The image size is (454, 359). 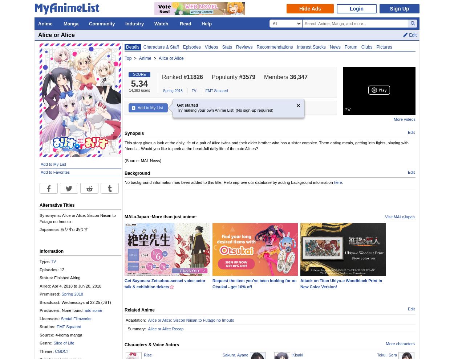 What do you see at coordinates (309, 8) in the screenshot?
I see `'Hide Ads'` at bounding box center [309, 8].